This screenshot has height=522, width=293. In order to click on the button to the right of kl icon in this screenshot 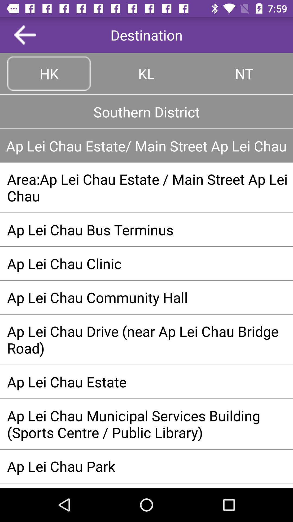, I will do `click(244, 73)`.